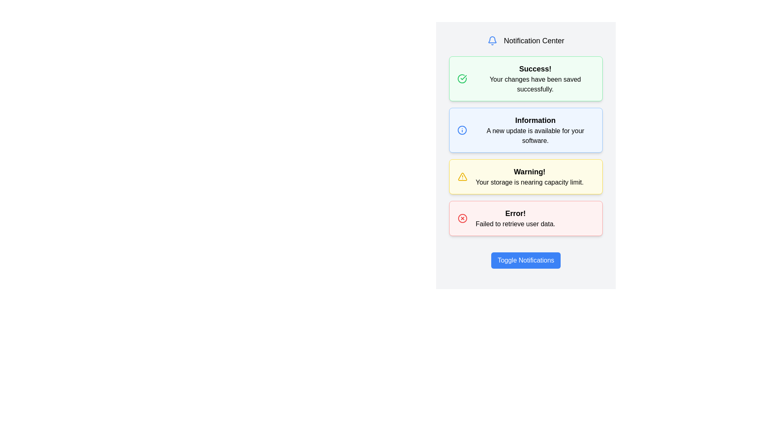 This screenshot has height=441, width=784. What do you see at coordinates (530, 182) in the screenshot?
I see `warning message displayed as 'Your storage is nearing capacity limit.' located within the yellow alert box, below the title 'Warning!'` at bounding box center [530, 182].